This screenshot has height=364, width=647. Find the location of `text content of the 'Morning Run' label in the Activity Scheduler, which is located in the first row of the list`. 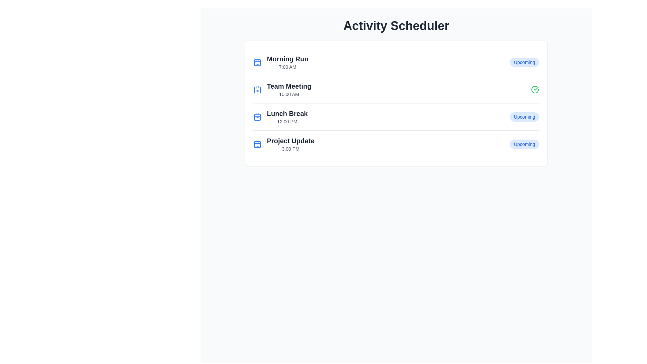

text content of the 'Morning Run' label in the Activity Scheduler, which is located in the first row of the list is located at coordinates (287, 58).